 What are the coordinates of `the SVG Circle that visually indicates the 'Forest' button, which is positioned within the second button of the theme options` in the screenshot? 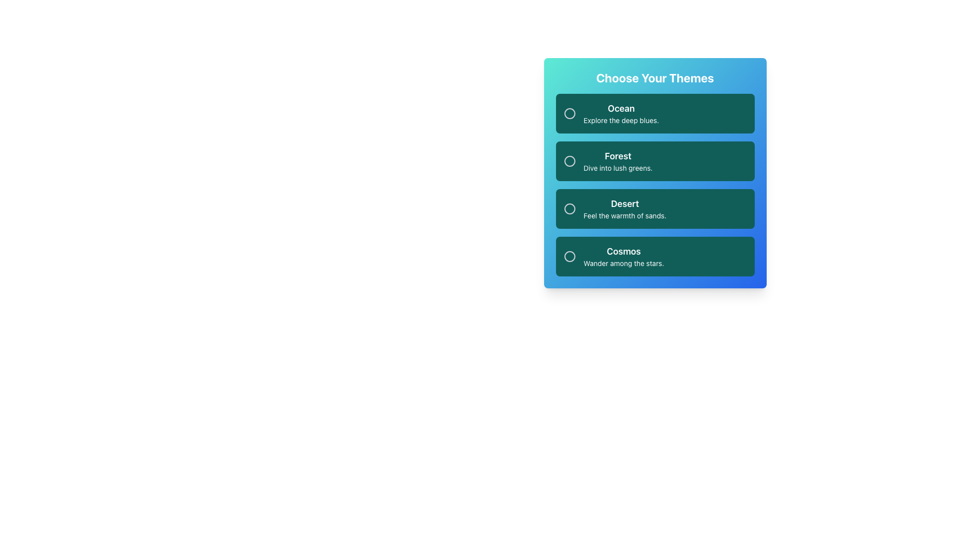 It's located at (569, 160).